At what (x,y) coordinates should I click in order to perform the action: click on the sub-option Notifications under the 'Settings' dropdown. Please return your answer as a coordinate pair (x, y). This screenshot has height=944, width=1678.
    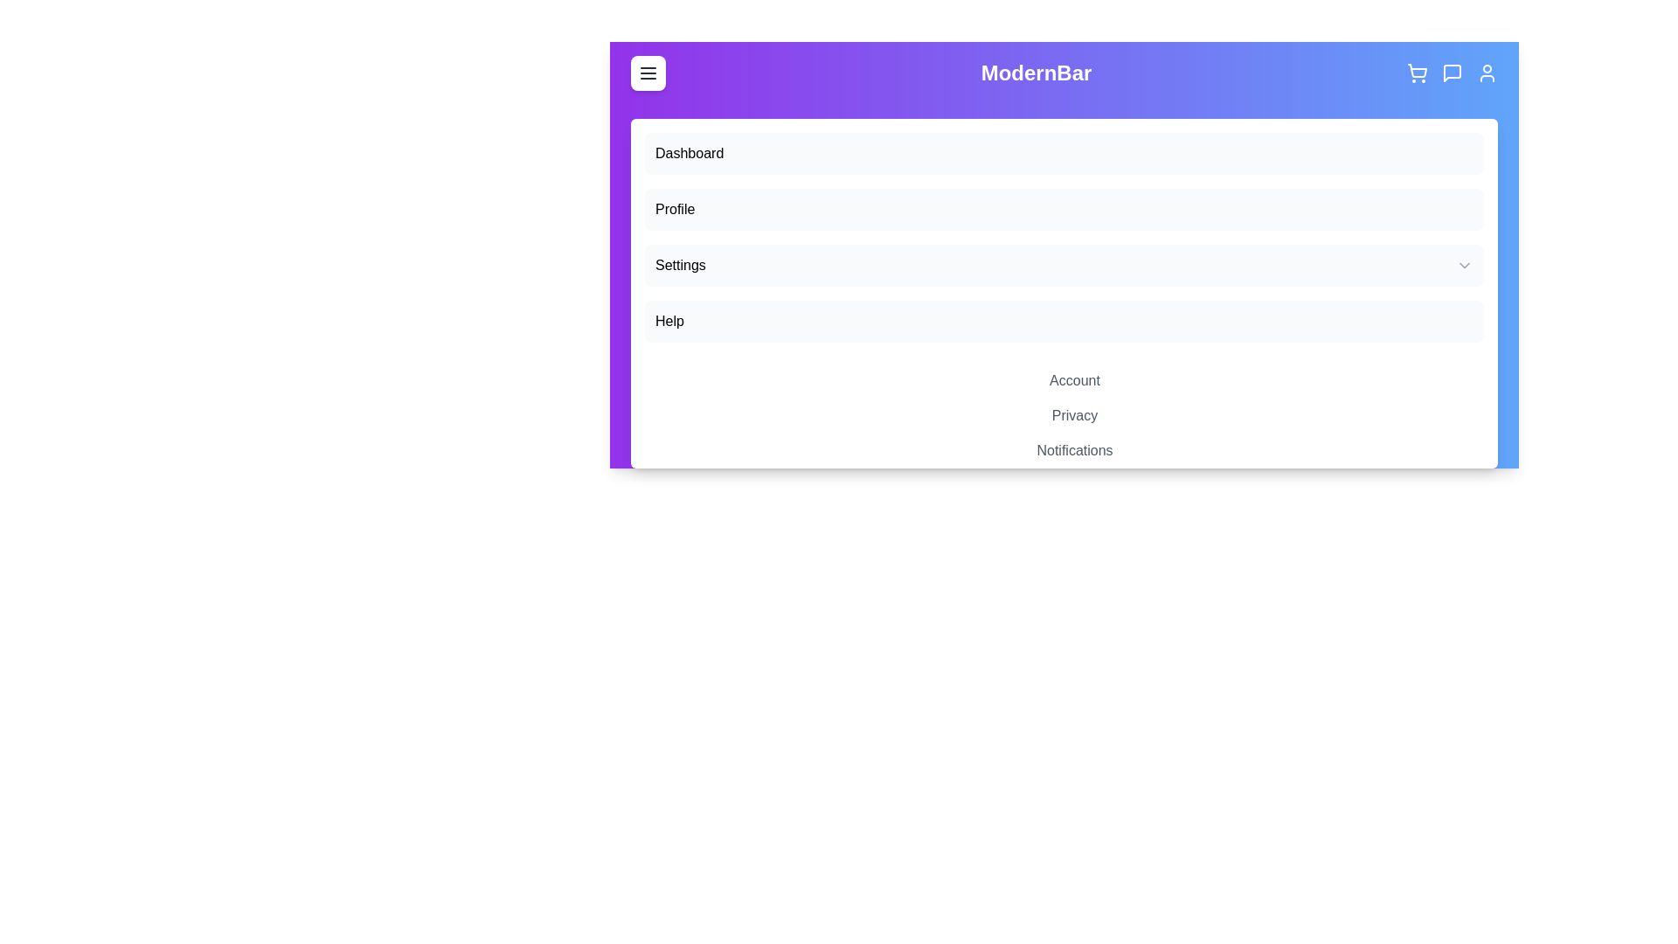
    Looking at the image, I should click on (1073, 450).